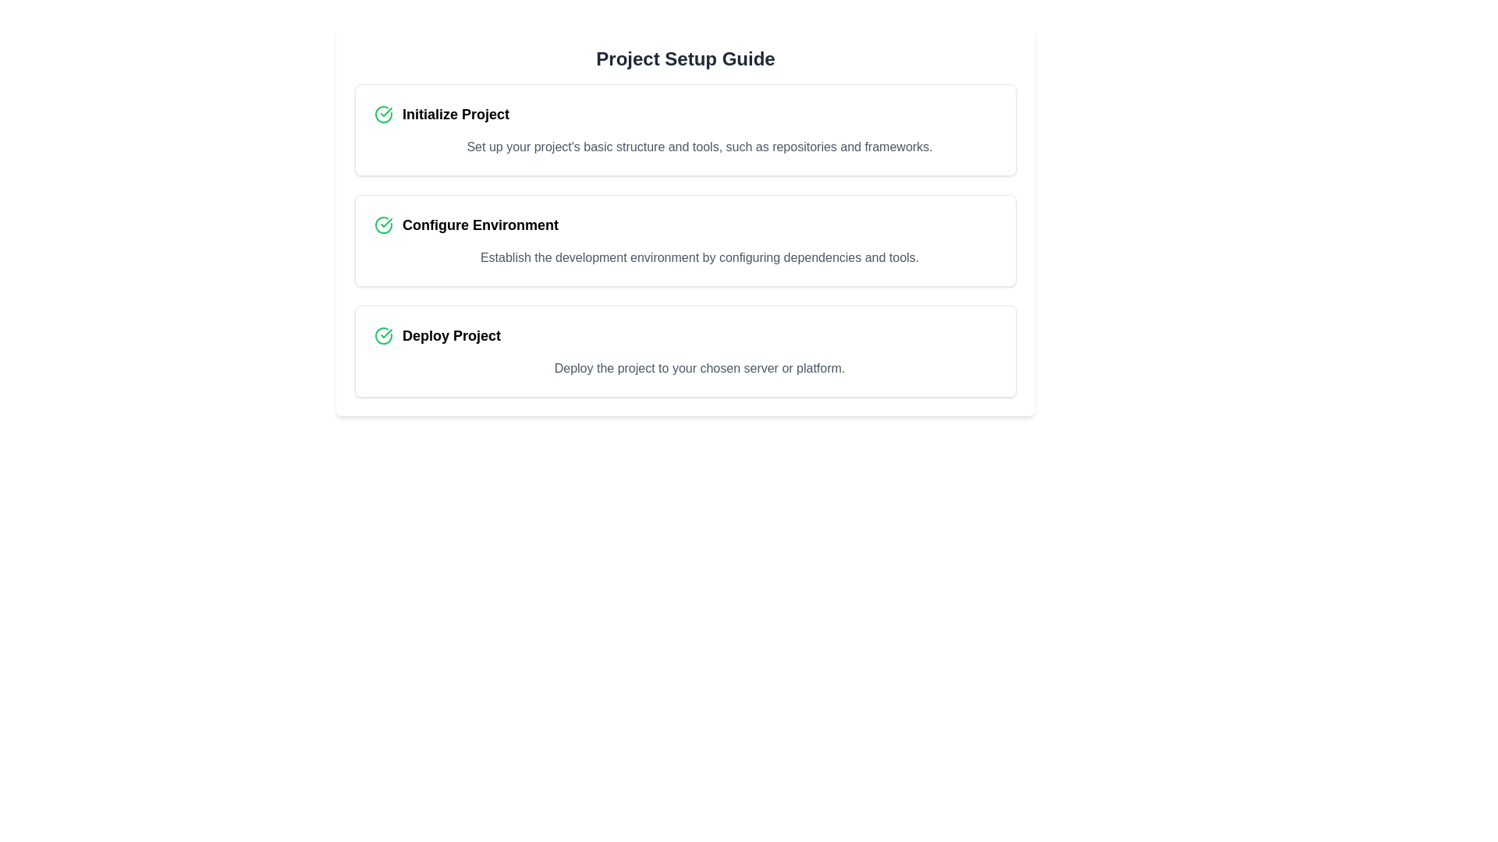  Describe the element at coordinates (699, 257) in the screenshot. I see `the text description containing the phrase 'Establish the development environment by configuring dependencies and tools.' which is styled in gray and positioned below the title 'Configure Environment'` at that location.